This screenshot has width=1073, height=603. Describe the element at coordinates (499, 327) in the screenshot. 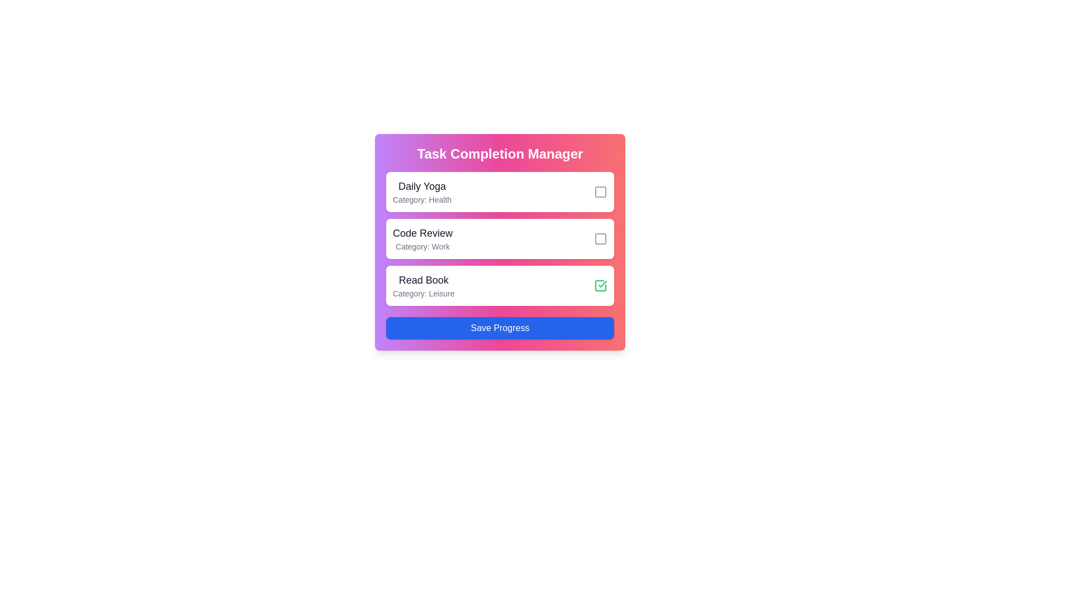

I see `the 'Save Progress' button to save the current task completion state` at that location.